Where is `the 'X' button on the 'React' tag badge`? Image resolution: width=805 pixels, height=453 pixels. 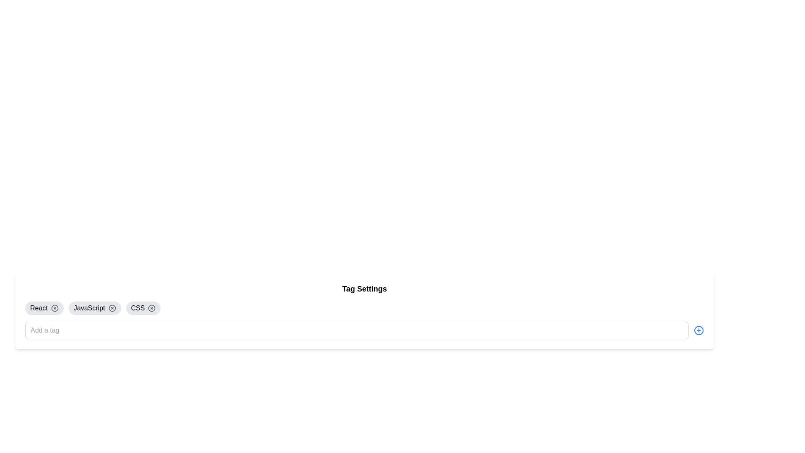 the 'X' button on the 'React' tag badge is located at coordinates (44, 308).